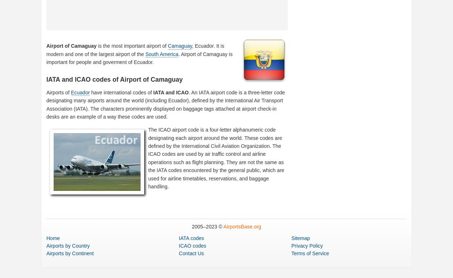 This screenshot has width=453, height=278. I want to click on ', Ecuador.
It is modern and one of the largest airport of the', so click(135, 50).